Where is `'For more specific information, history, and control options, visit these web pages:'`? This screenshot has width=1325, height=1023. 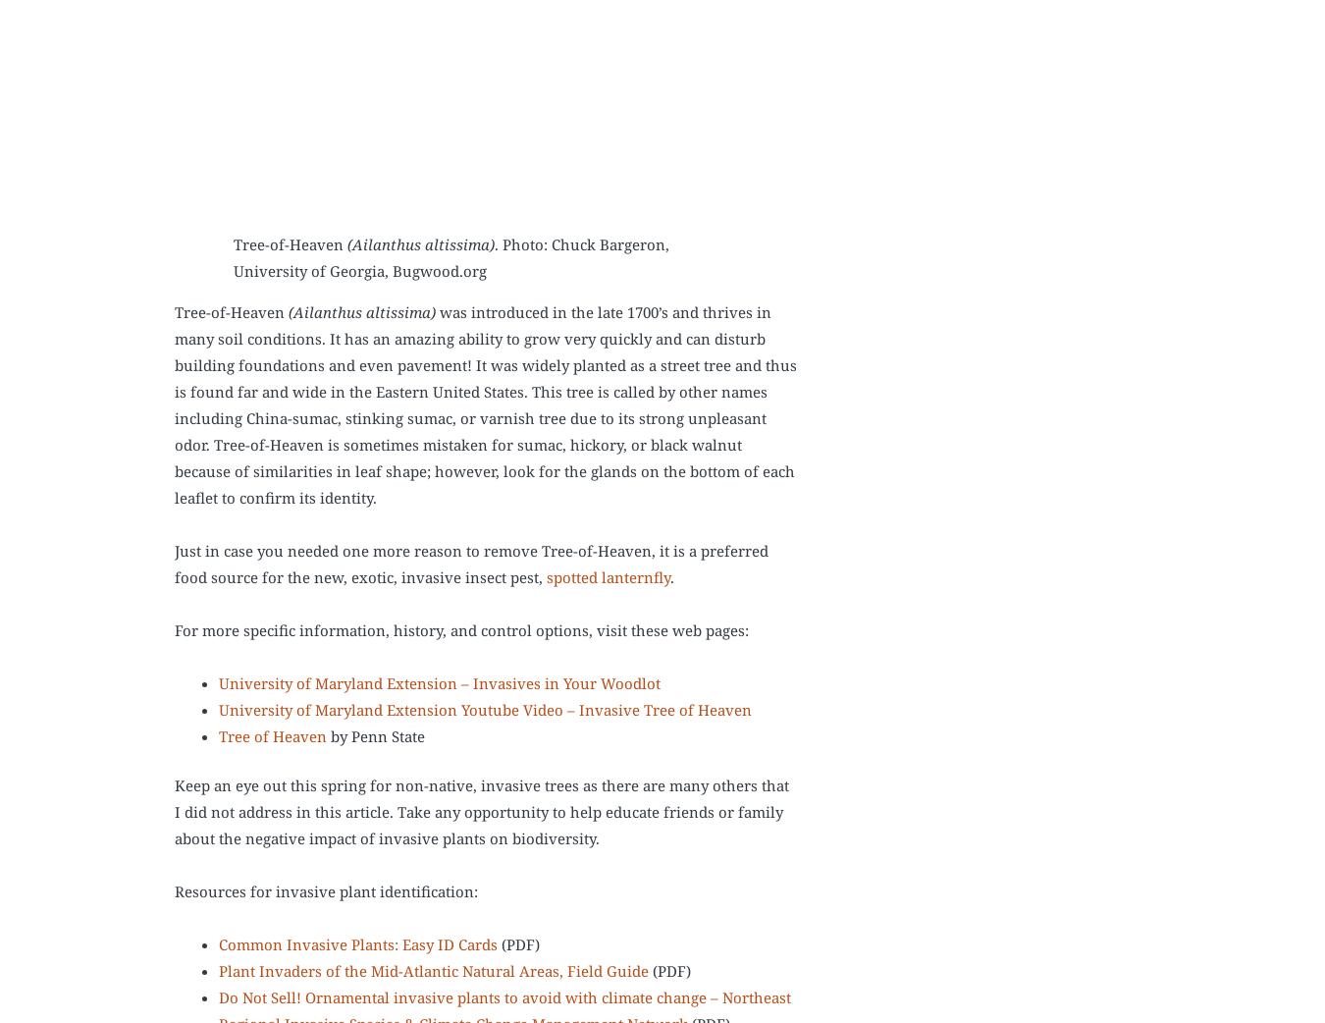 'For more specific information, history, and control options, visit these web pages:' is located at coordinates (460, 631).